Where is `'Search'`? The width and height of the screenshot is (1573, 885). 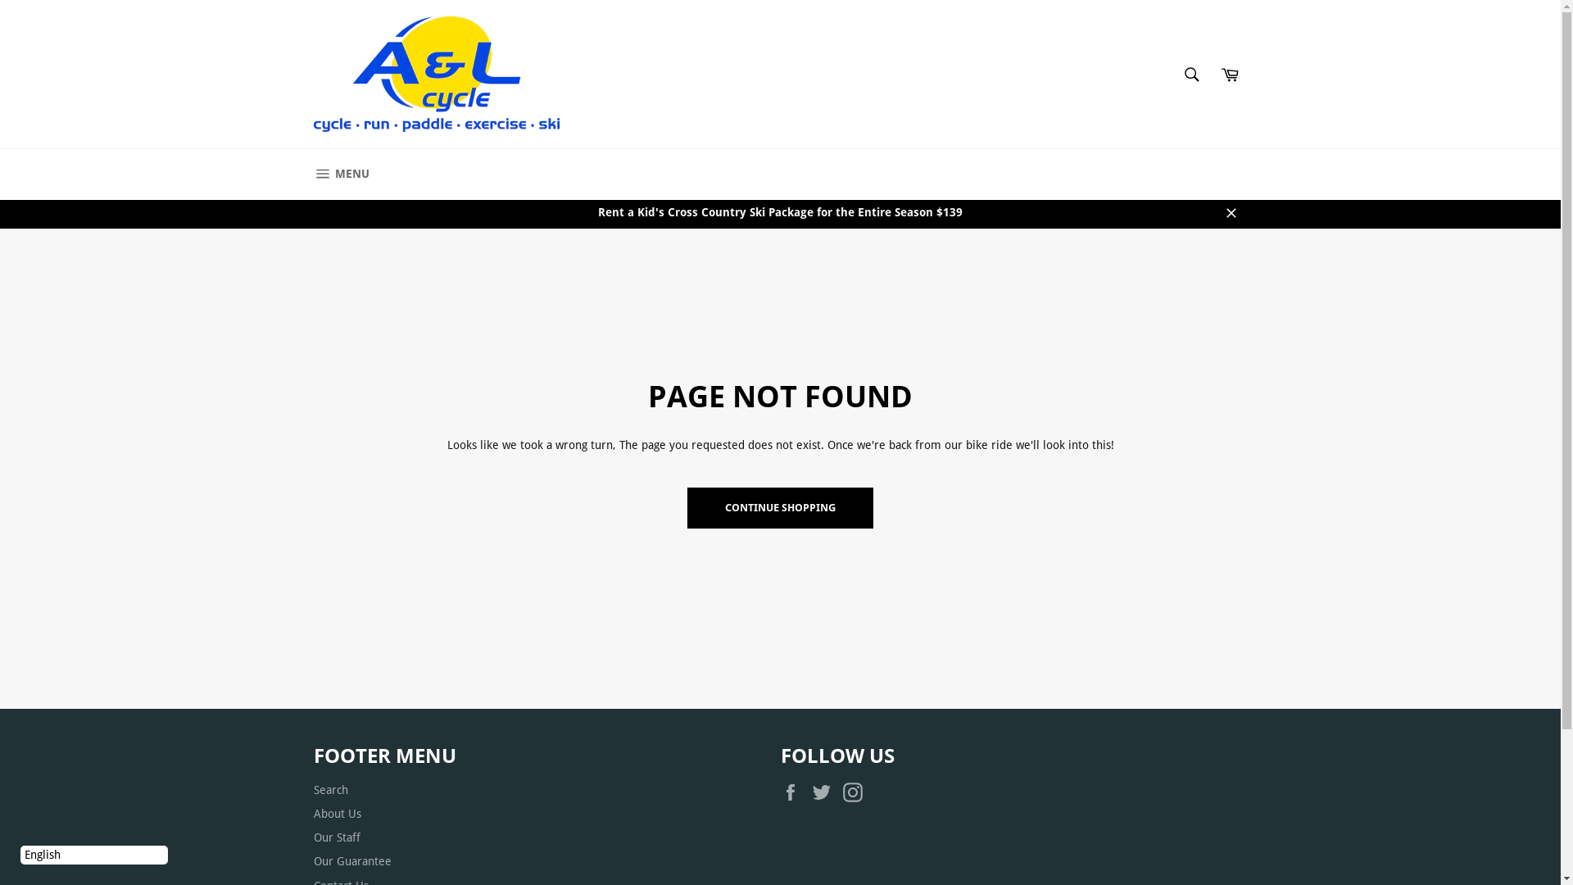 'Search' is located at coordinates (1191, 75).